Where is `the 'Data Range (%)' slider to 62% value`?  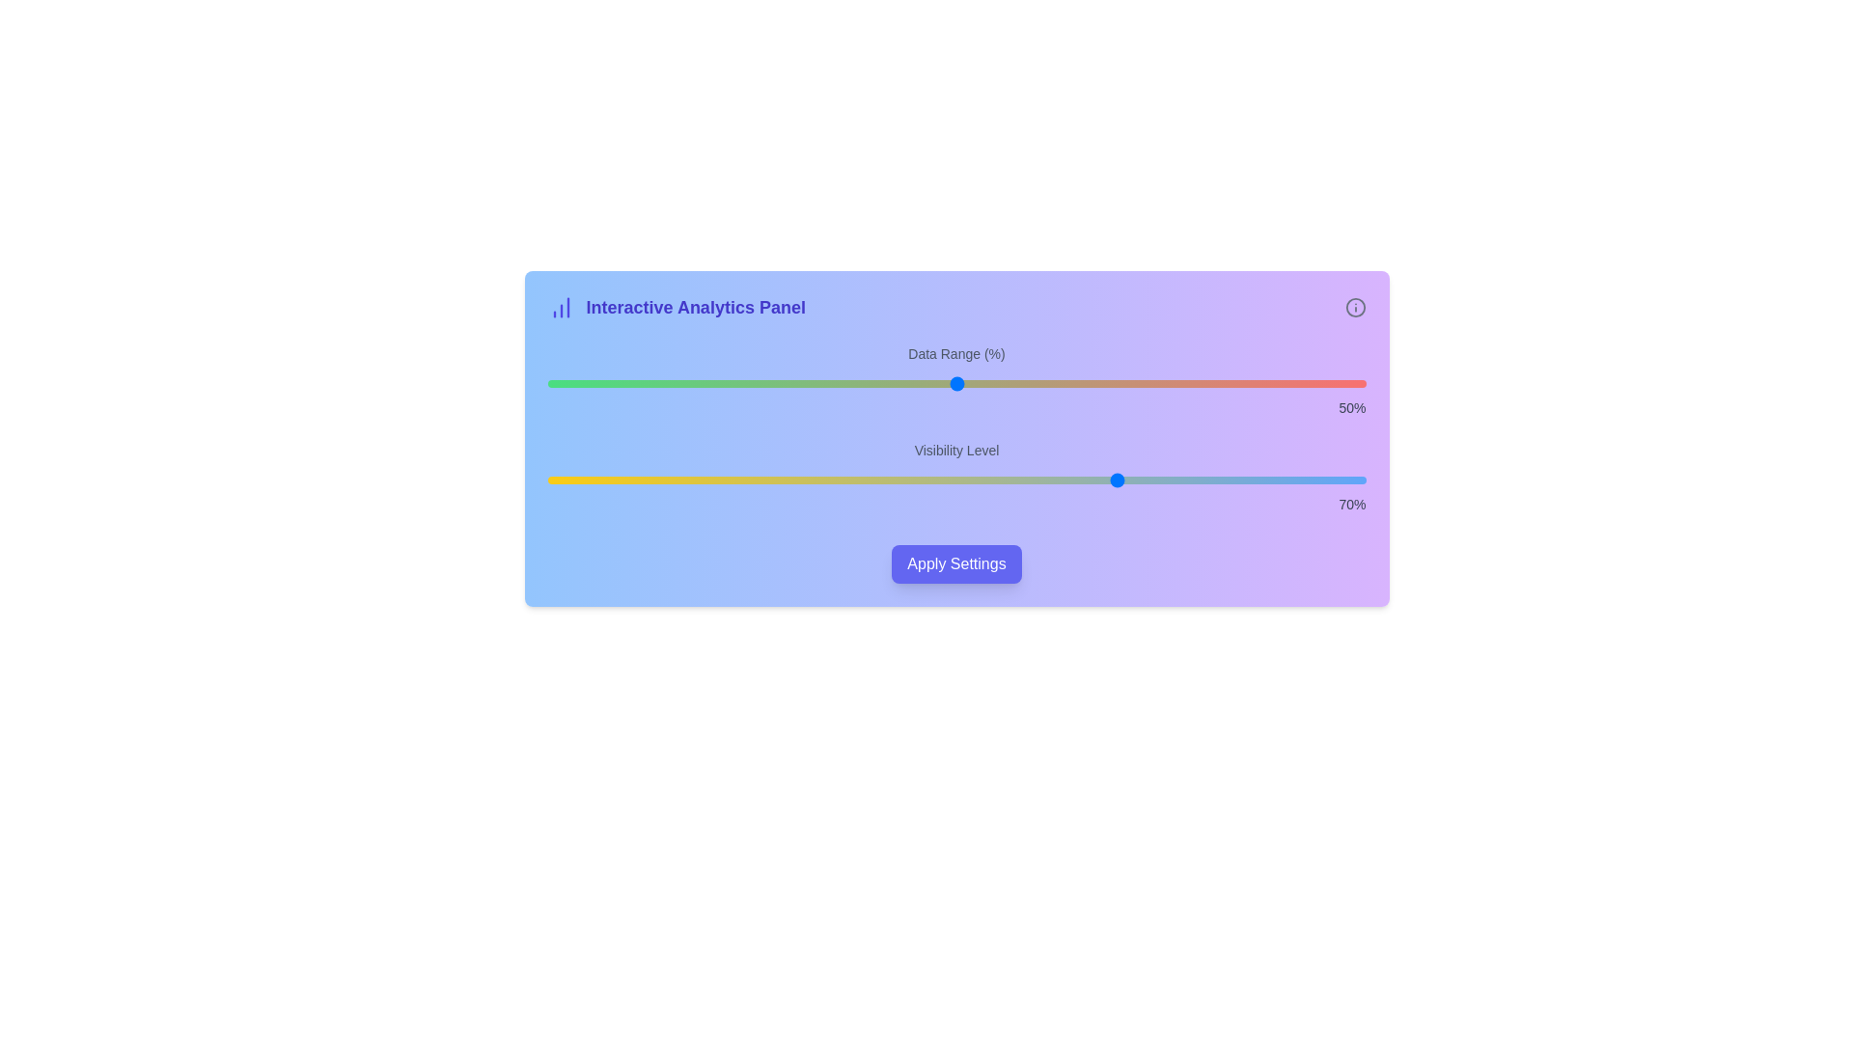
the 'Data Range (%)' slider to 62% value is located at coordinates (1054, 383).